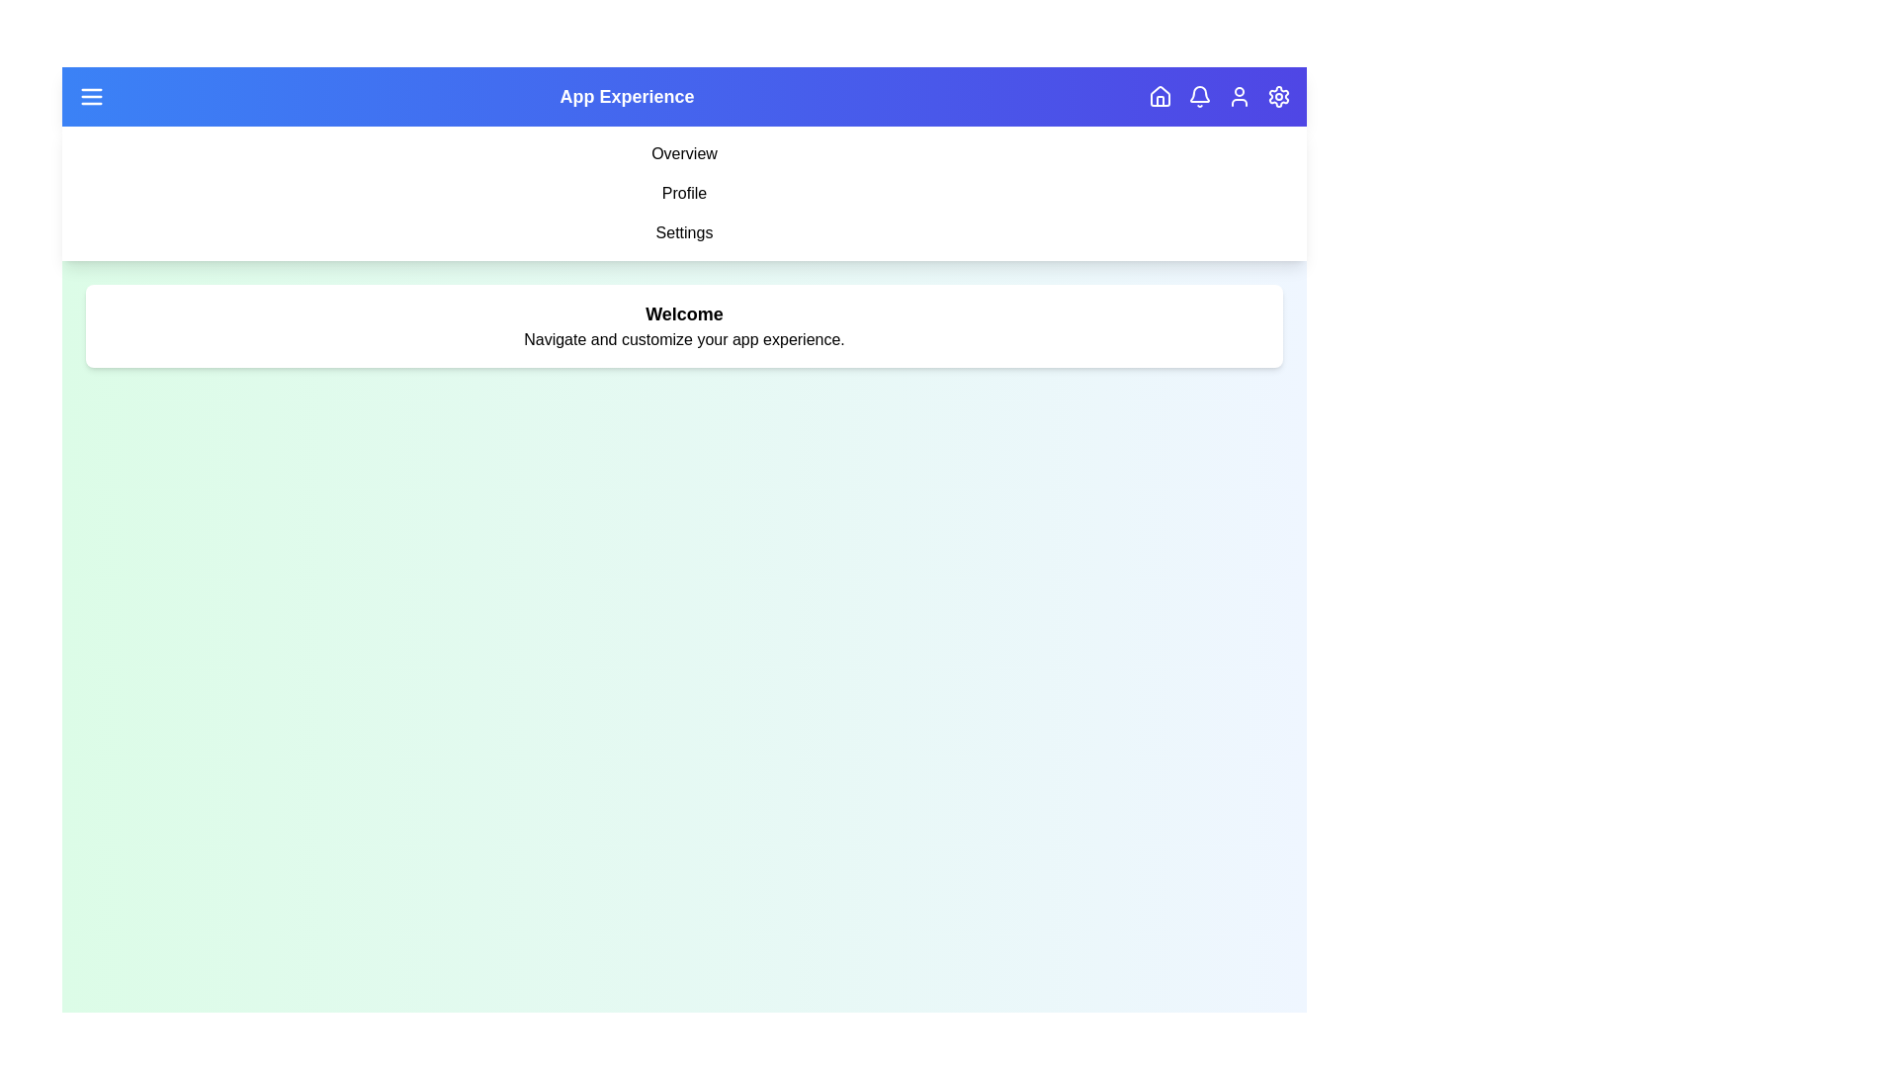 The image size is (1898, 1068). Describe the element at coordinates (684, 194) in the screenshot. I see `the navigation item labeled Profile to navigate to the respective section` at that location.